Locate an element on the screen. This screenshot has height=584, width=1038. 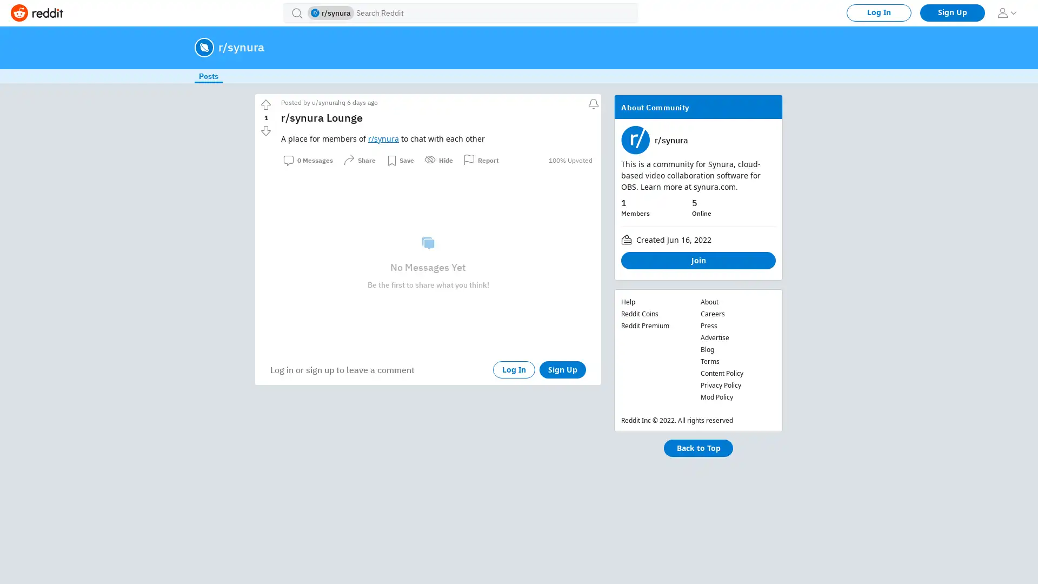
Report is located at coordinates (481, 160).